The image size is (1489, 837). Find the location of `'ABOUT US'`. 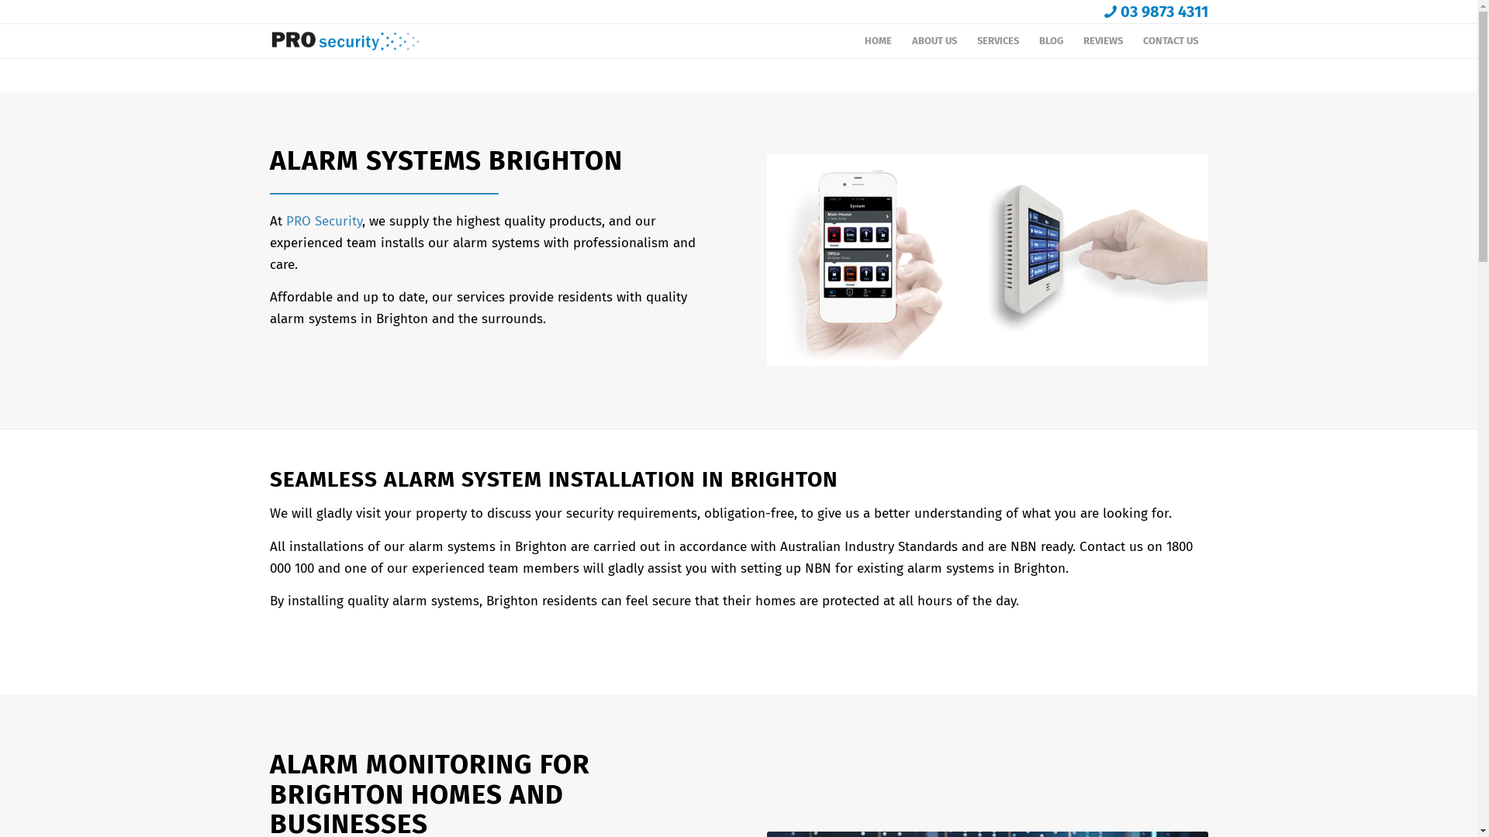

'ABOUT US' is located at coordinates (933, 40).